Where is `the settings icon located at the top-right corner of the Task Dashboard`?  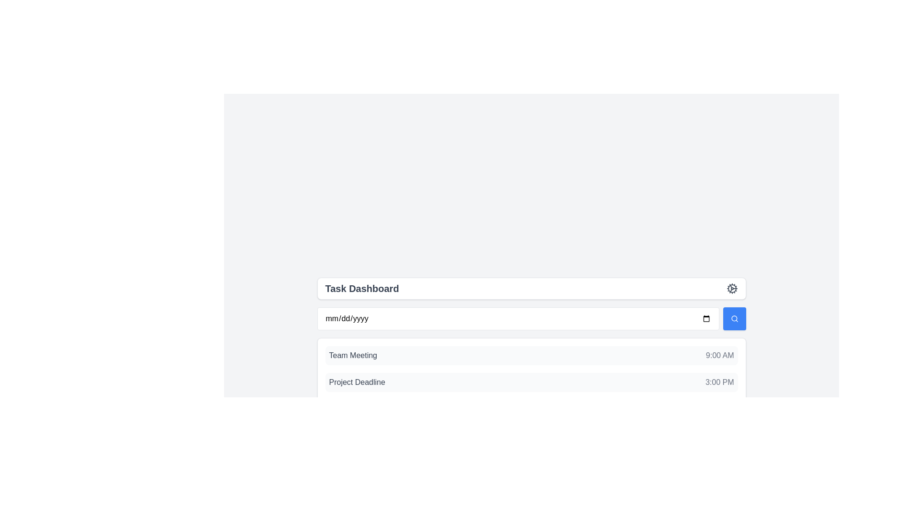 the settings icon located at the top-right corner of the Task Dashboard is located at coordinates (731, 288).